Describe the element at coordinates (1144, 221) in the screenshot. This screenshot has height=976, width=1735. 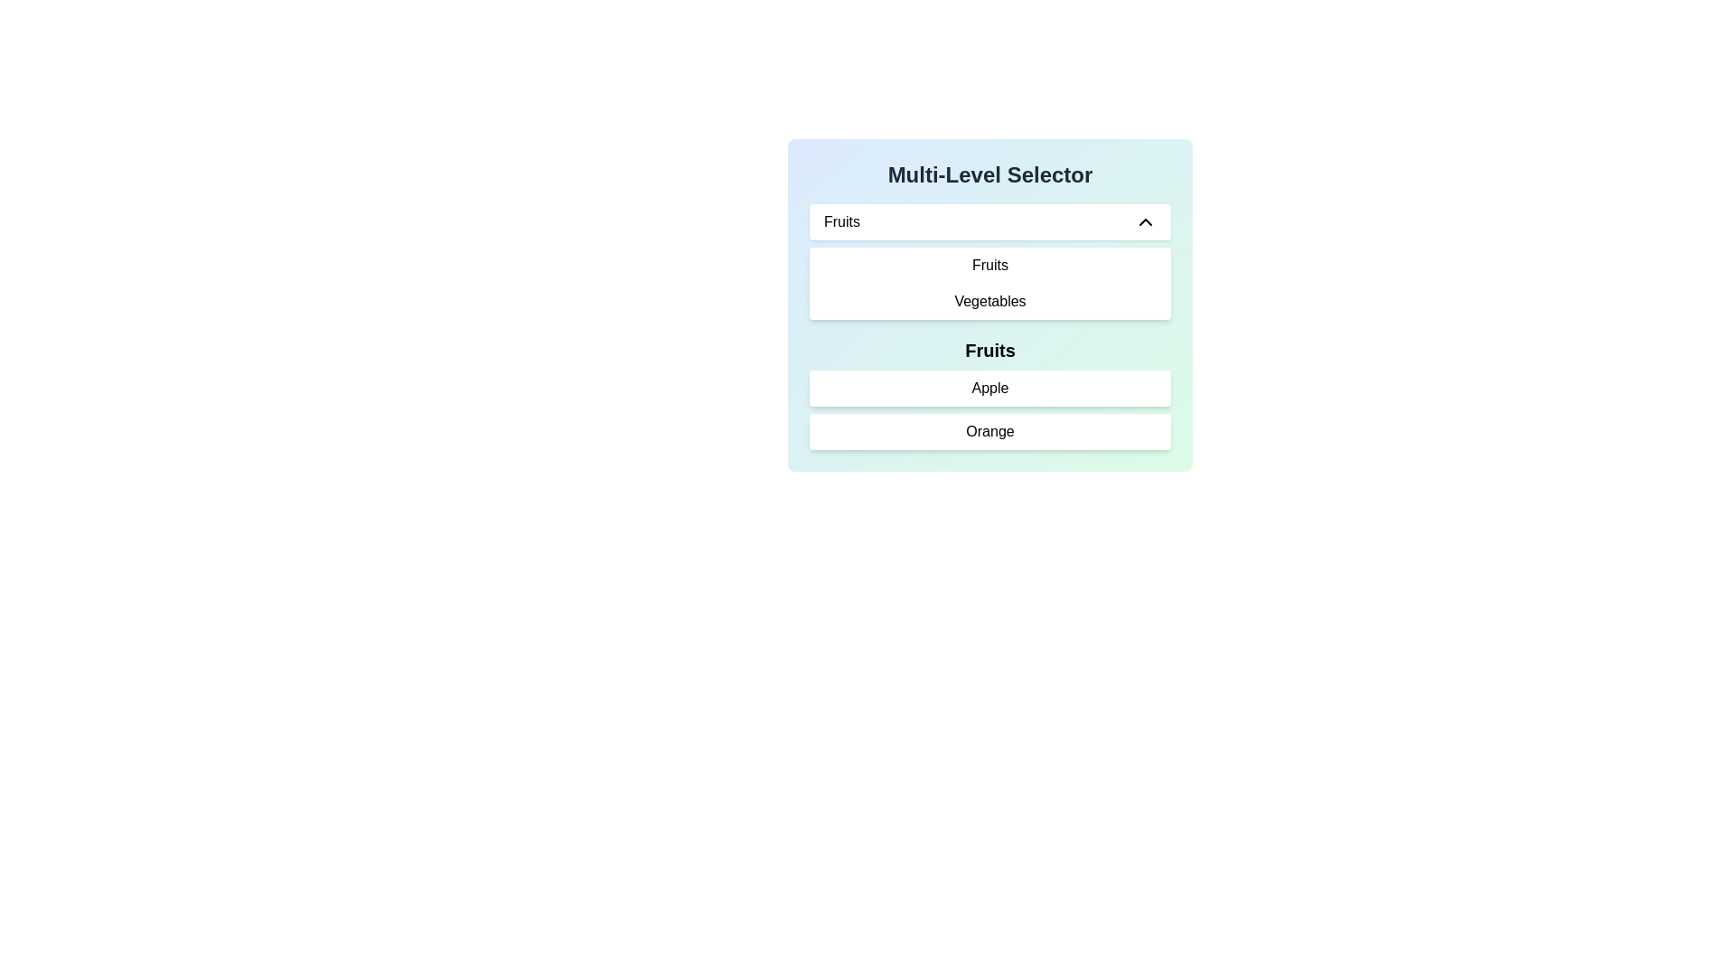
I see `the upward-facing arrow icon with a black outline, which is part of the 'chevron-up' class, located to the right of the 'Fruits' label` at that location.